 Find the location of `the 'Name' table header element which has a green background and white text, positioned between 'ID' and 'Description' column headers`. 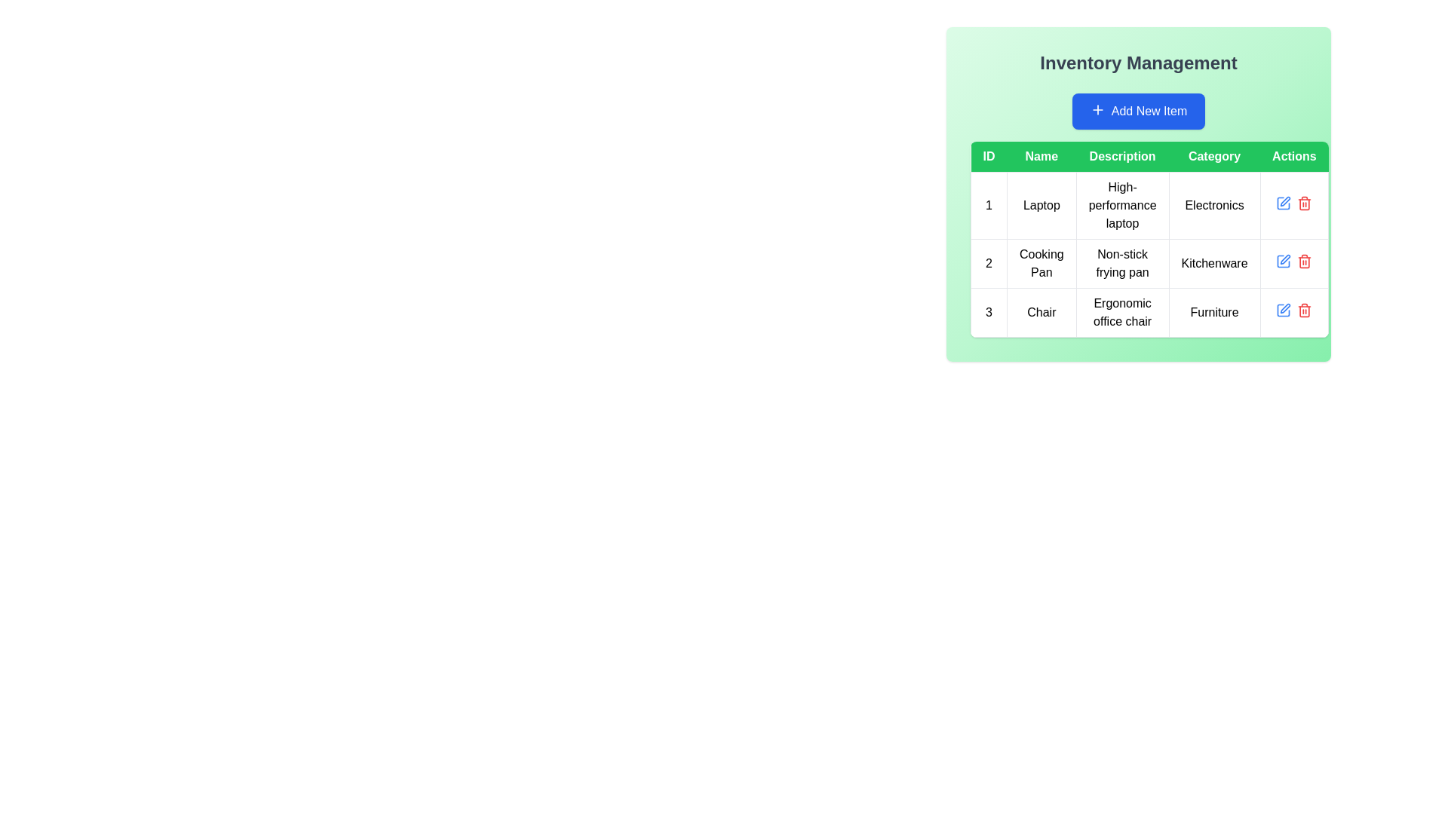

the 'Name' table header element which has a green background and white text, positioned between 'ID' and 'Description' column headers is located at coordinates (1041, 157).